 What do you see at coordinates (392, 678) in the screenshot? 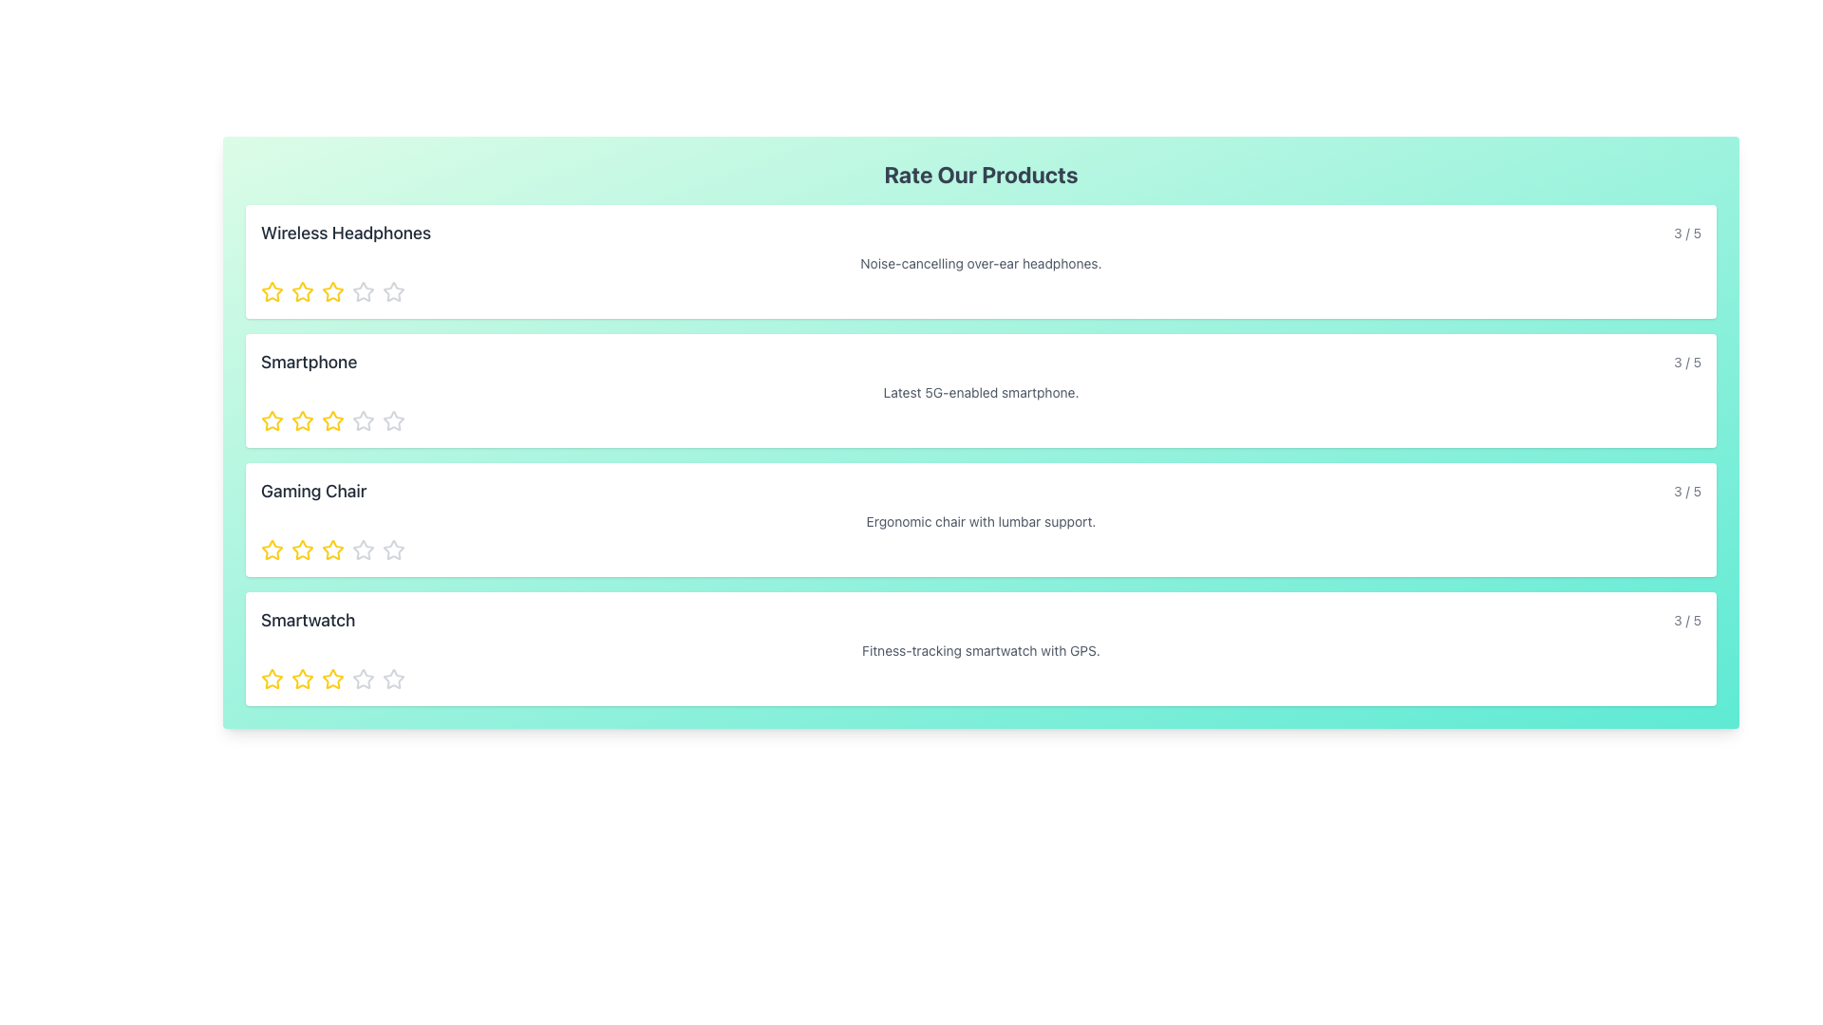
I see `the fifth star-shaped rating icon in the row under the 'Smartwatch' product segment` at bounding box center [392, 678].